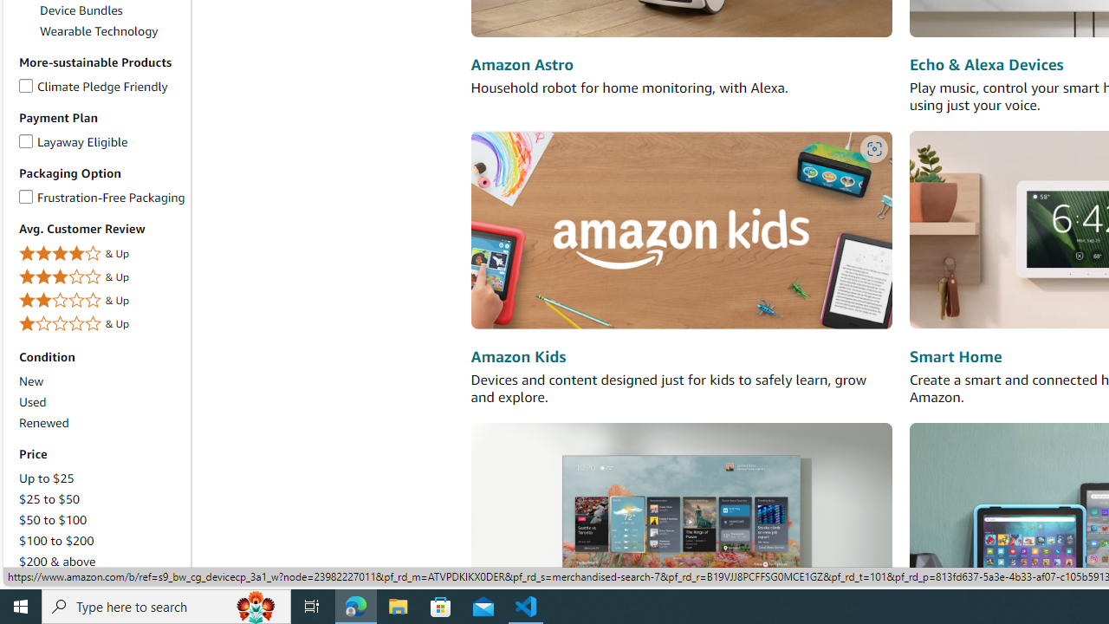 The height and width of the screenshot is (624, 1109). I want to click on '$200 & above', so click(57, 562).